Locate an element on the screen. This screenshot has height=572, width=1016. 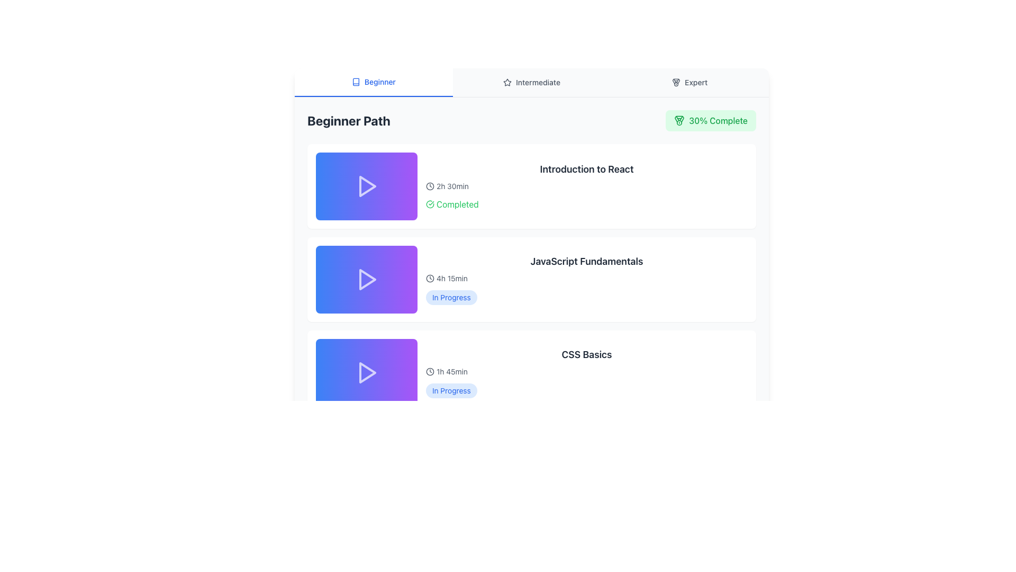
the clock icon representing the duration of '4h 15min' in the 'JavaScript Fundamentals' card is located at coordinates (430, 278).